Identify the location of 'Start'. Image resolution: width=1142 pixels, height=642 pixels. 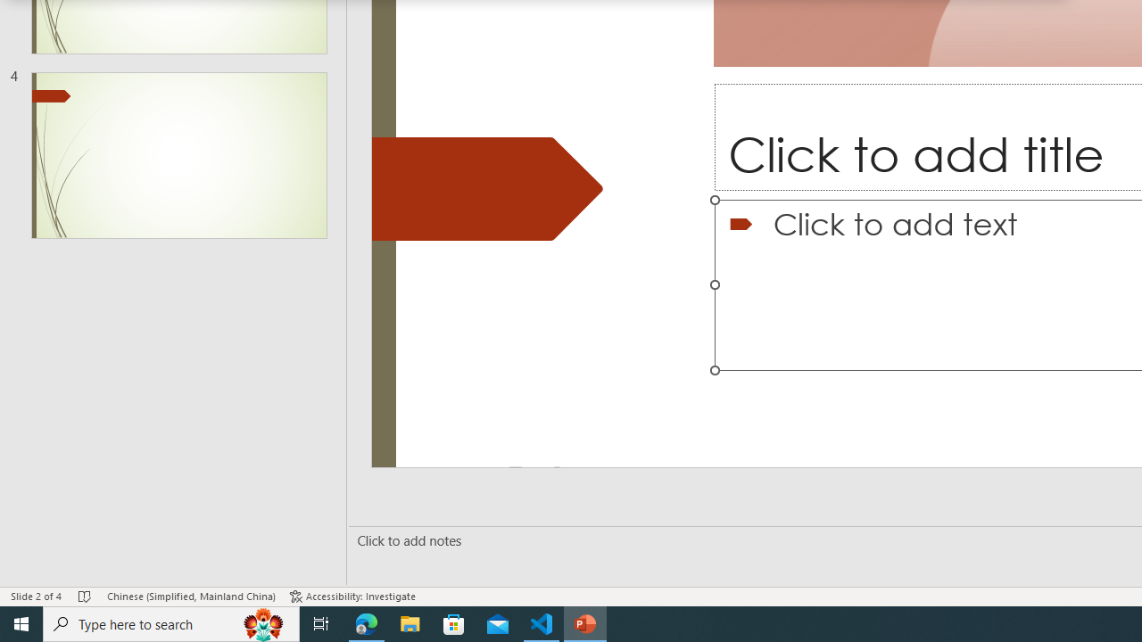
(21, 622).